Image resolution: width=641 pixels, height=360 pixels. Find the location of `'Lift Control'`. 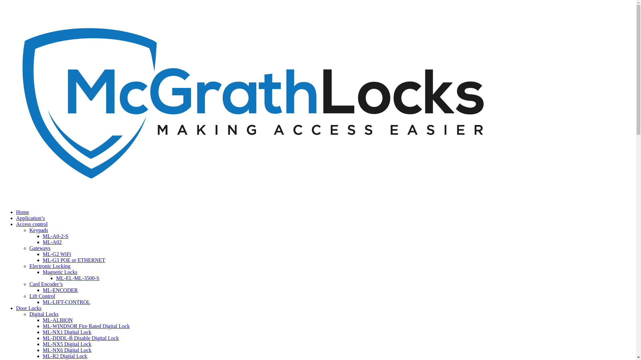

'Lift Control' is located at coordinates (42, 296).